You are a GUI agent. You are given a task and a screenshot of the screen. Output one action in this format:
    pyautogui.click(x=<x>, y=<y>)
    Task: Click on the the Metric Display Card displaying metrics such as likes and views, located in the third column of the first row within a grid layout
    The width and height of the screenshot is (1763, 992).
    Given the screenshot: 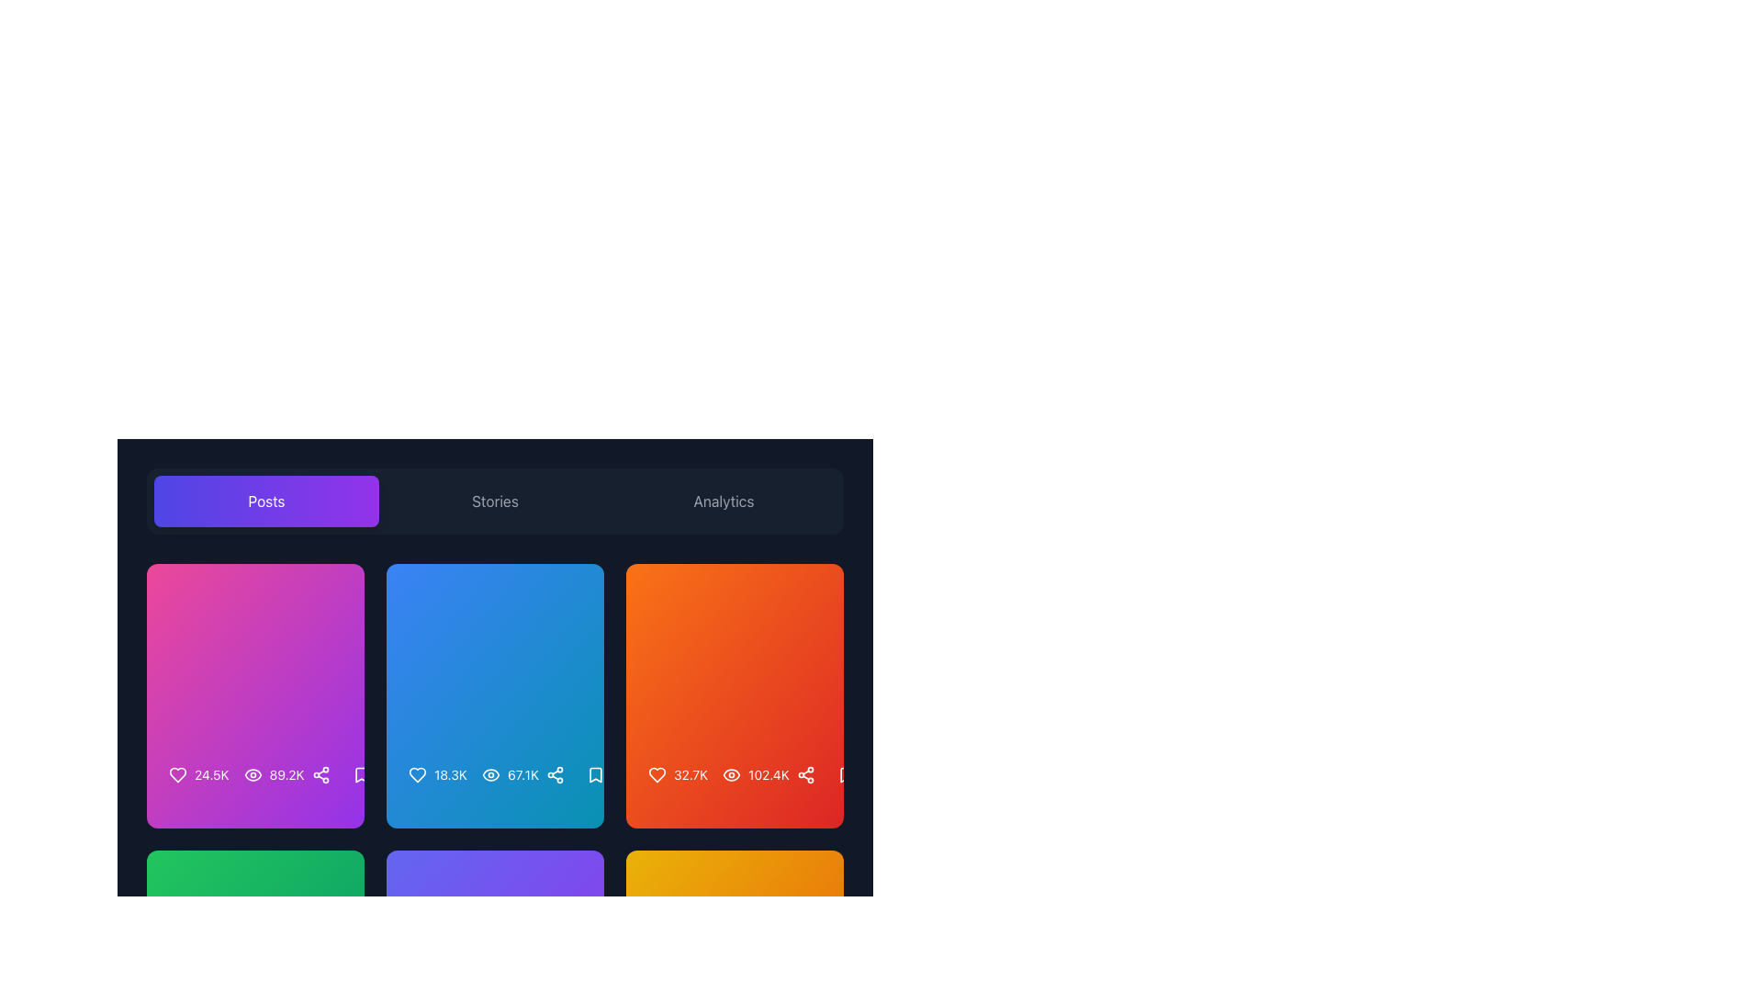 What is the action you would take?
    pyautogui.click(x=735, y=696)
    